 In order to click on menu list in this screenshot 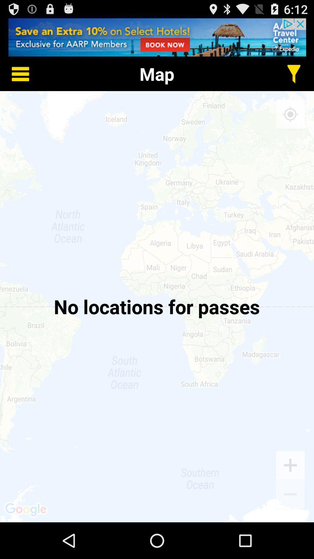, I will do `click(16, 73)`.